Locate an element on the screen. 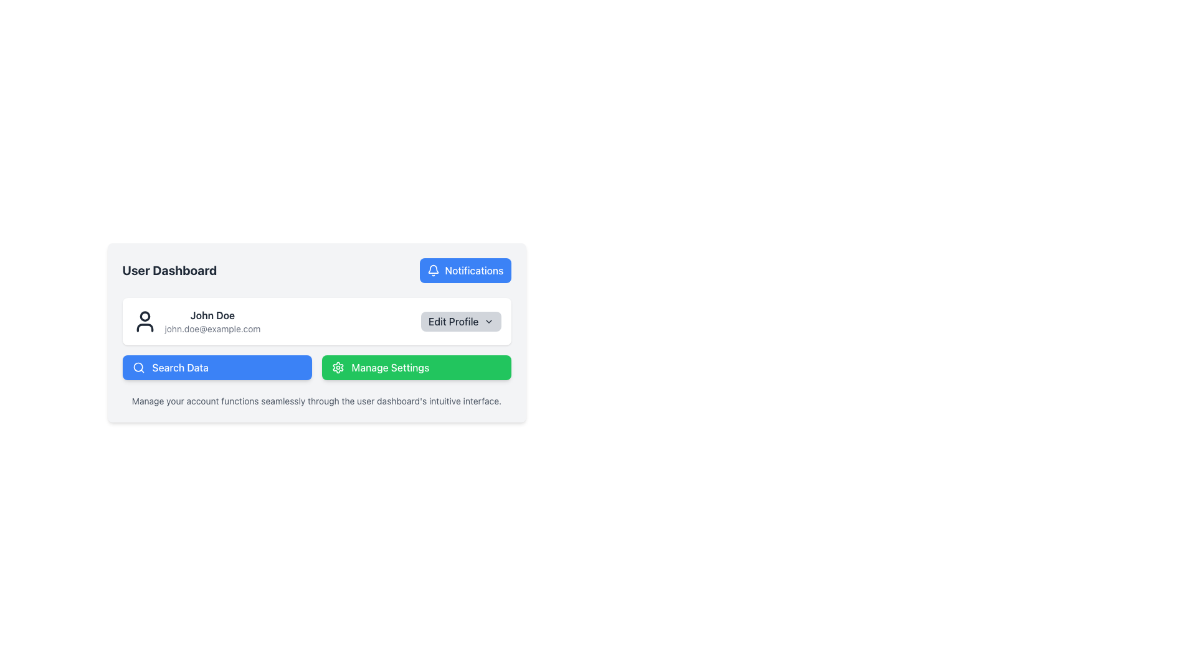  the user profile icon, which resembles a circle atop a smaller semi-circle, located immediately to the left of the text 'John Doe' and 'john.doe@example.com' is located at coordinates (145, 320).